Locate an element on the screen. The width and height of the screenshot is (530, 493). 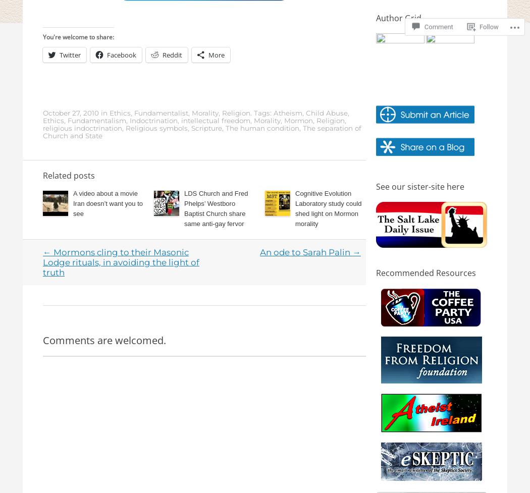
'in' is located at coordinates (98, 113).